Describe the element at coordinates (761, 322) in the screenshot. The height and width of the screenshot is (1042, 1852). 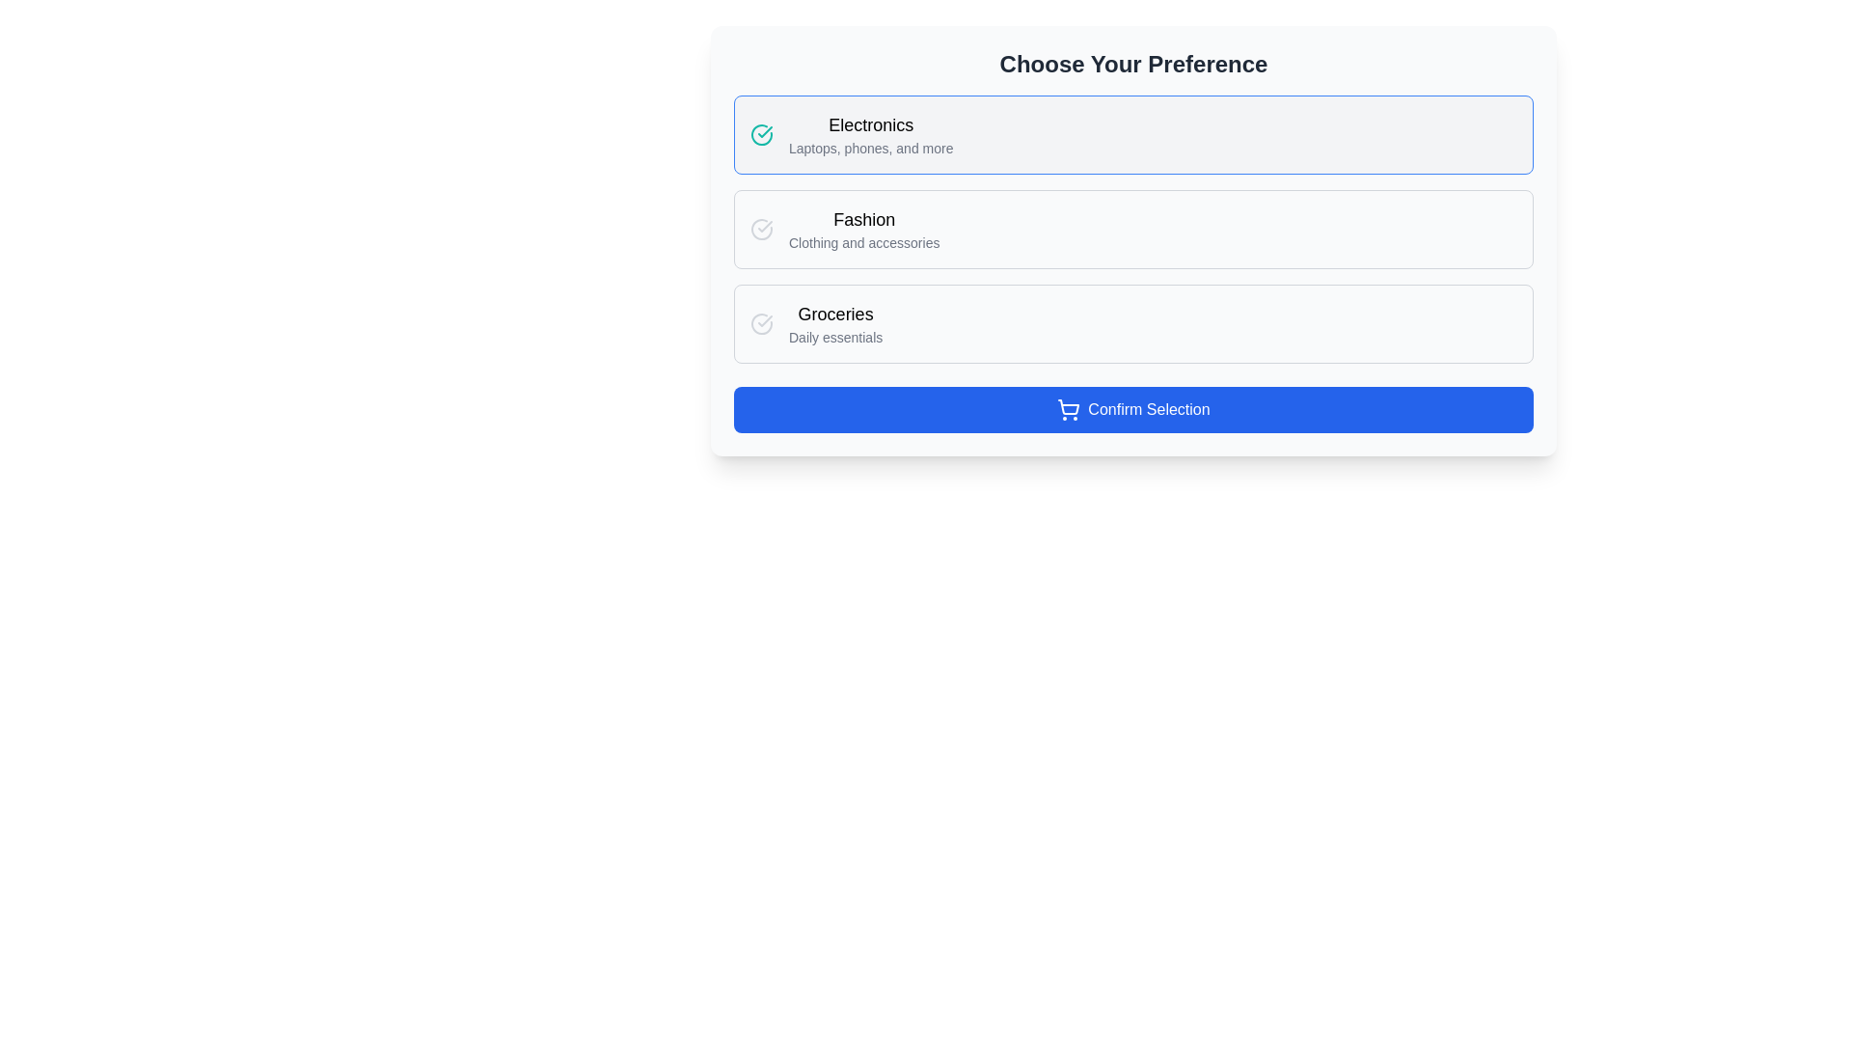
I see `the status indicator icon for the 'Groceries' section in the preference selection menu, located near the left-hand side of the row beside the text labels` at that location.